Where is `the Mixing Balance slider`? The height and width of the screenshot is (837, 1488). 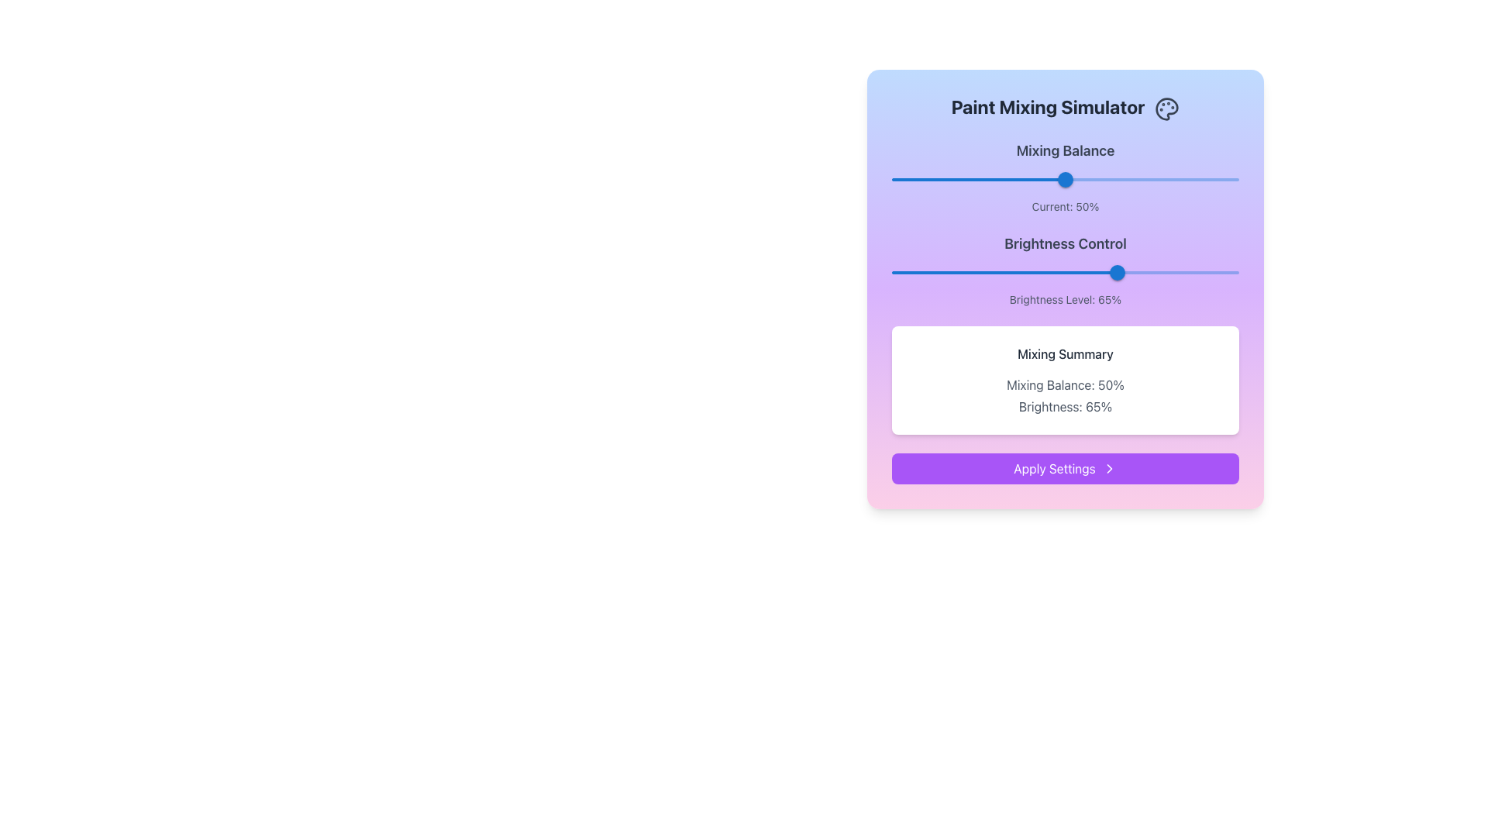 the Mixing Balance slider is located at coordinates (974, 178).